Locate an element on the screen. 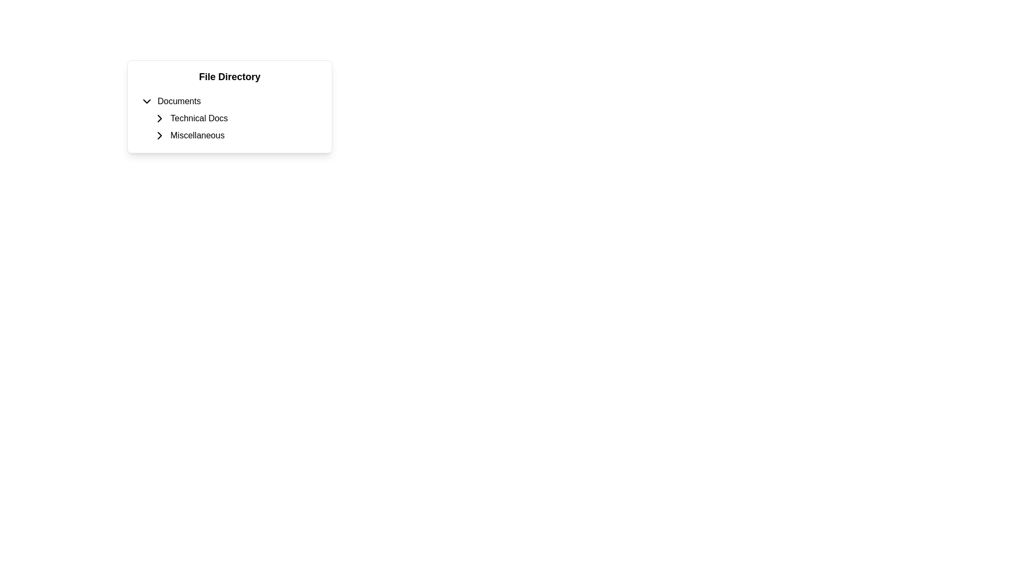 The width and height of the screenshot is (1026, 577). the toggle icon is located at coordinates (159, 135).